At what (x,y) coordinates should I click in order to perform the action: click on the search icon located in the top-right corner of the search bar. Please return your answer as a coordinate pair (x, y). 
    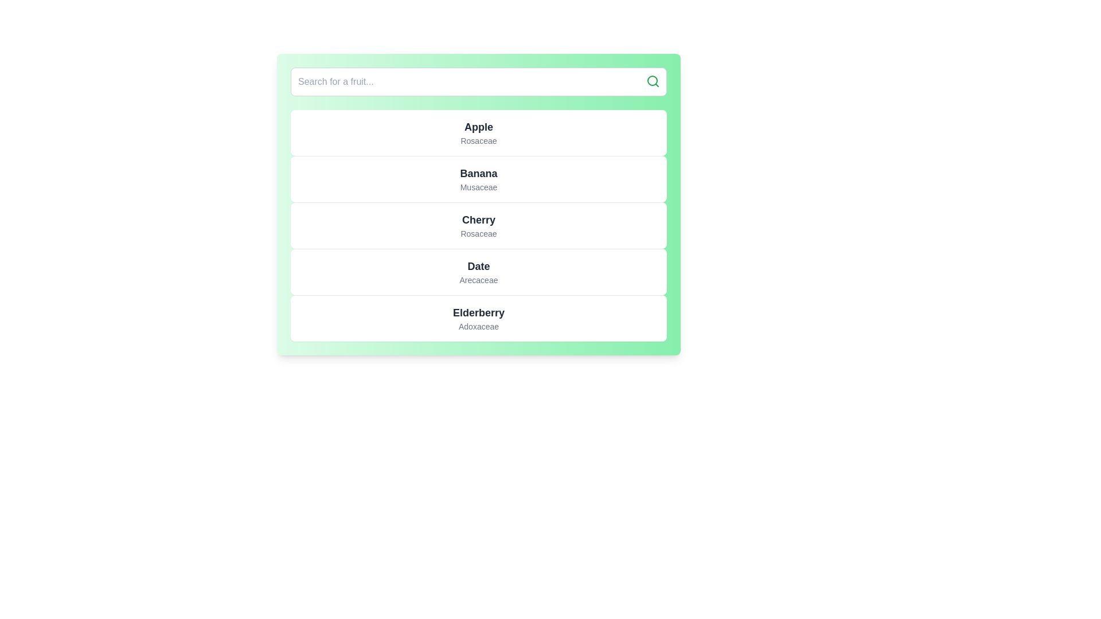
    Looking at the image, I should click on (653, 81).